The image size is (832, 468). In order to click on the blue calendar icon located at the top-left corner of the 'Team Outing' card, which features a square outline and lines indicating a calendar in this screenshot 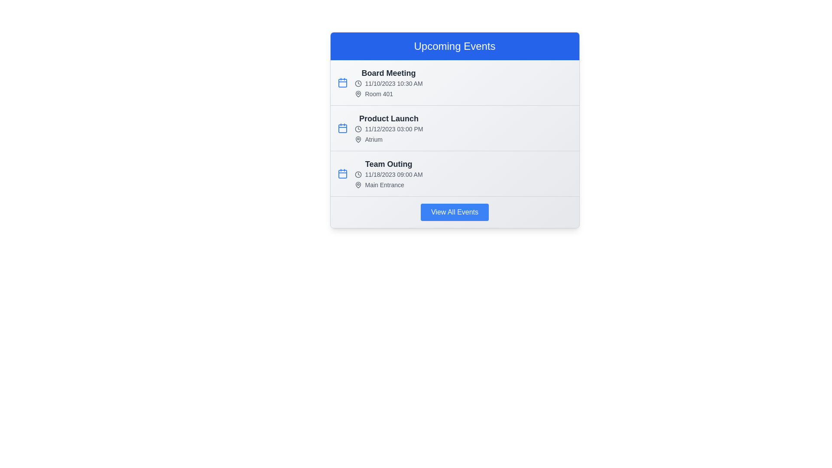, I will do `click(342, 174)`.